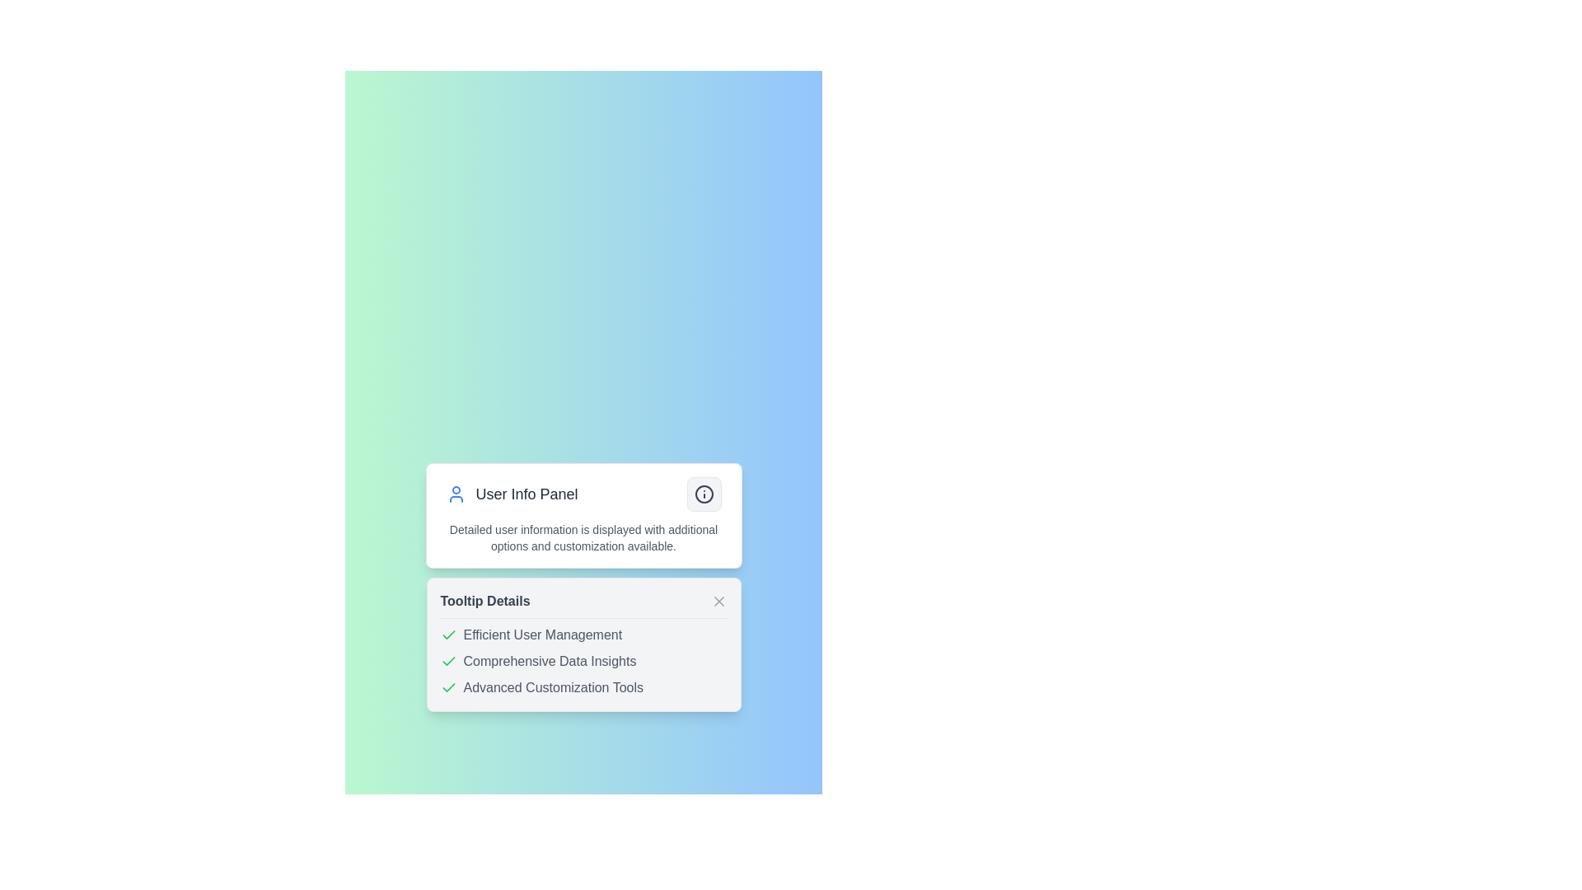  I want to click on the third list item labeled 'Advanced Customization Tools' in the 'Tooltip Details' dialog box, so click(583, 687).